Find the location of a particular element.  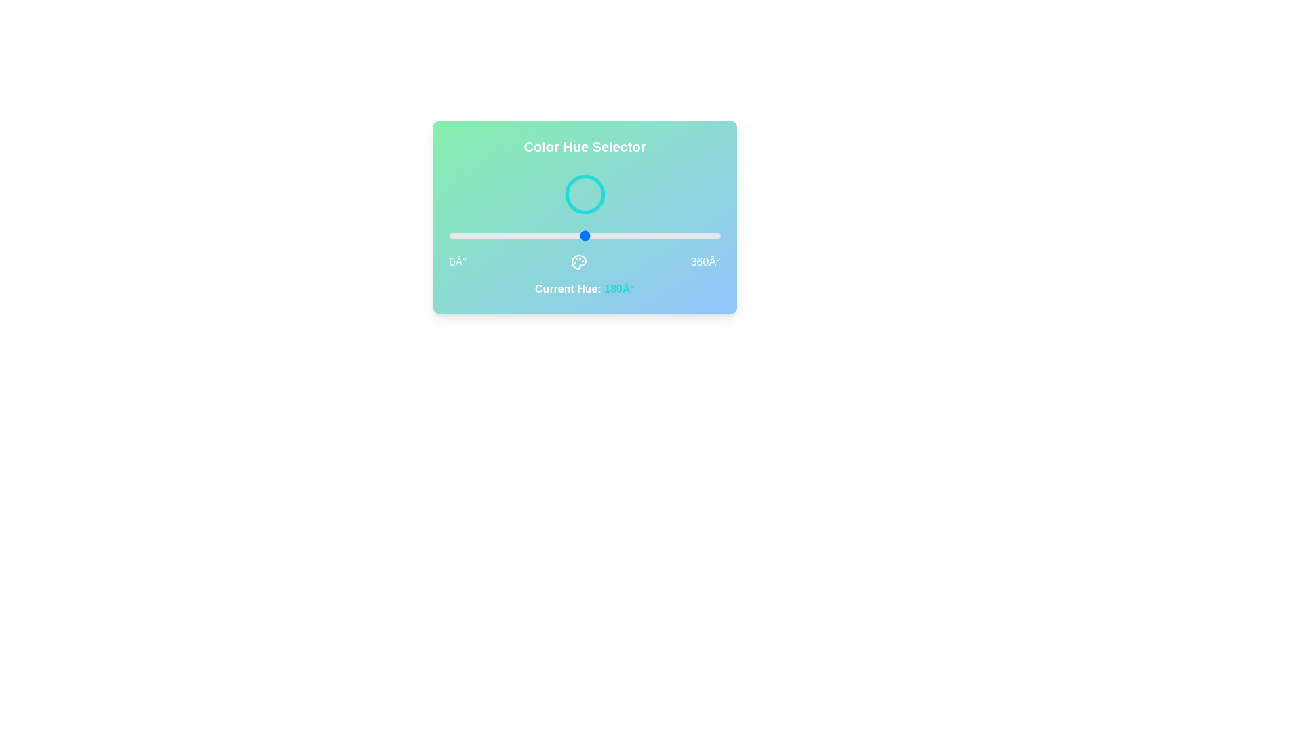

the hue to 279° by dragging the slider is located at coordinates (659, 235).